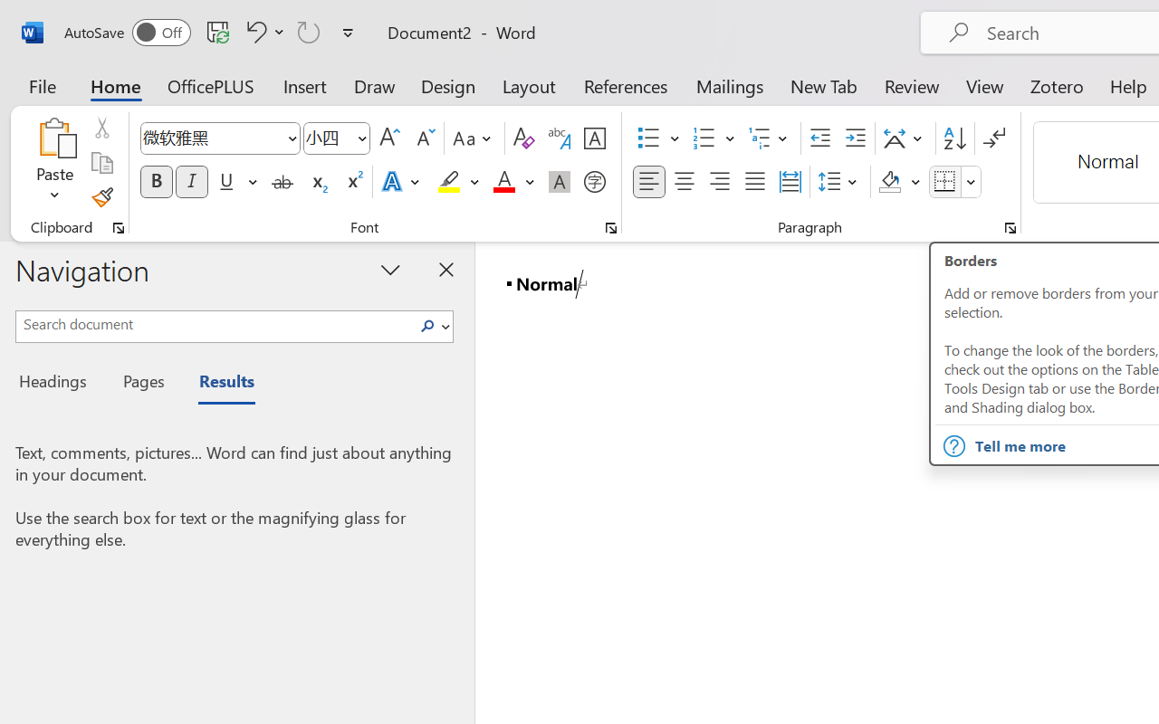  What do you see at coordinates (854, 138) in the screenshot?
I see `'Increase Indent'` at bounding box center [854, 138].